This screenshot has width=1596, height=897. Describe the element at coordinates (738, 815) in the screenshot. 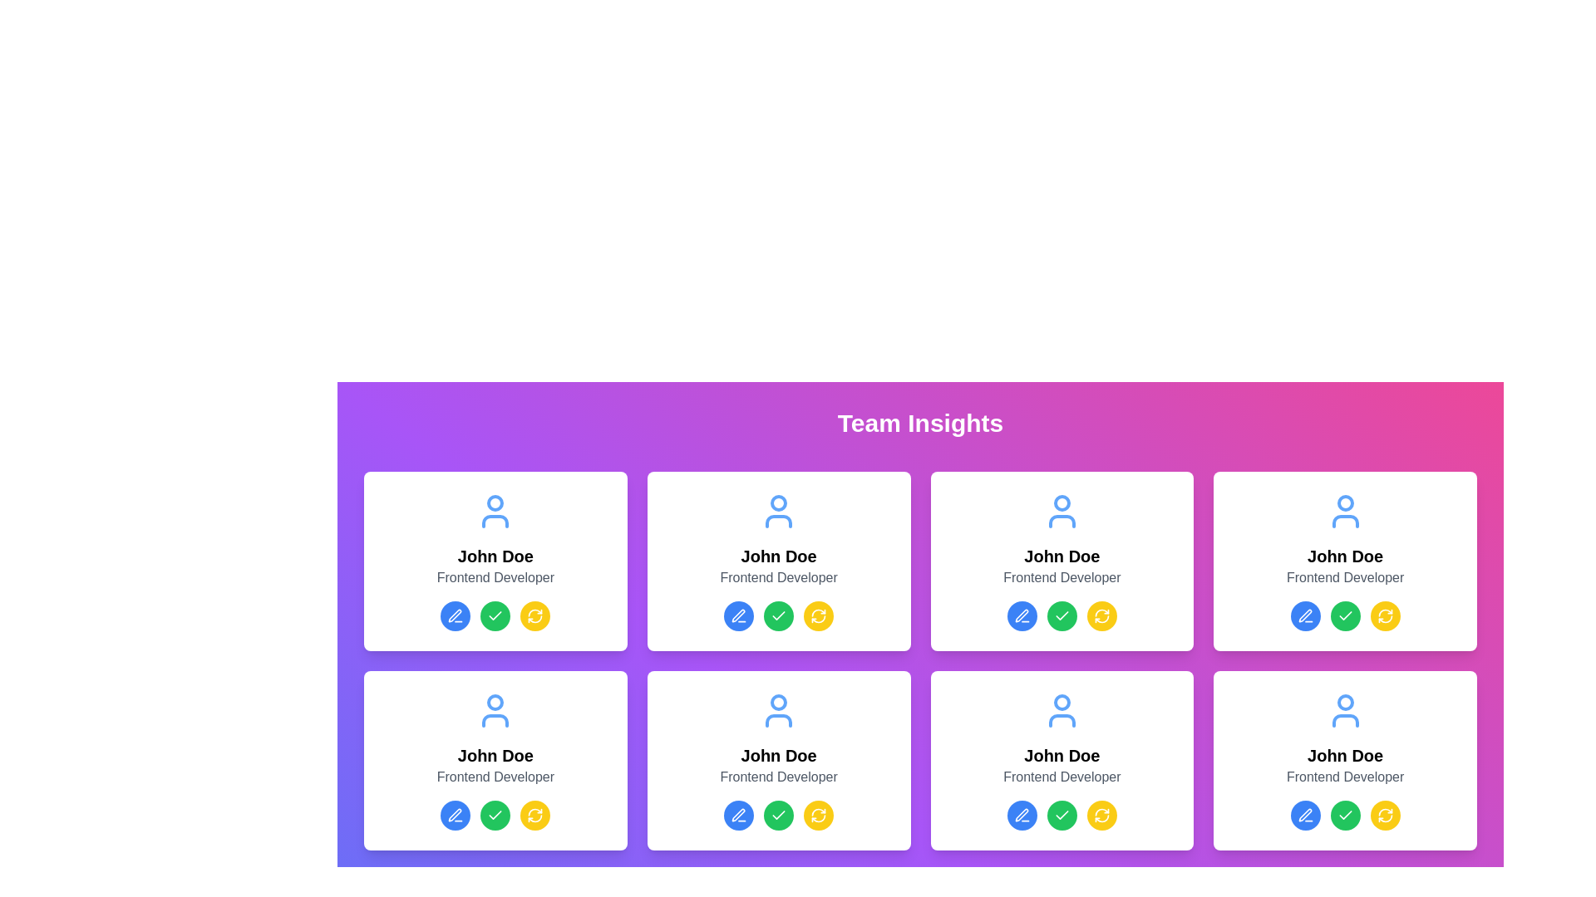

I see `the edit icon button located at the bottom left of the card displaying 'John Doe, Frontend Developer'` at that location.